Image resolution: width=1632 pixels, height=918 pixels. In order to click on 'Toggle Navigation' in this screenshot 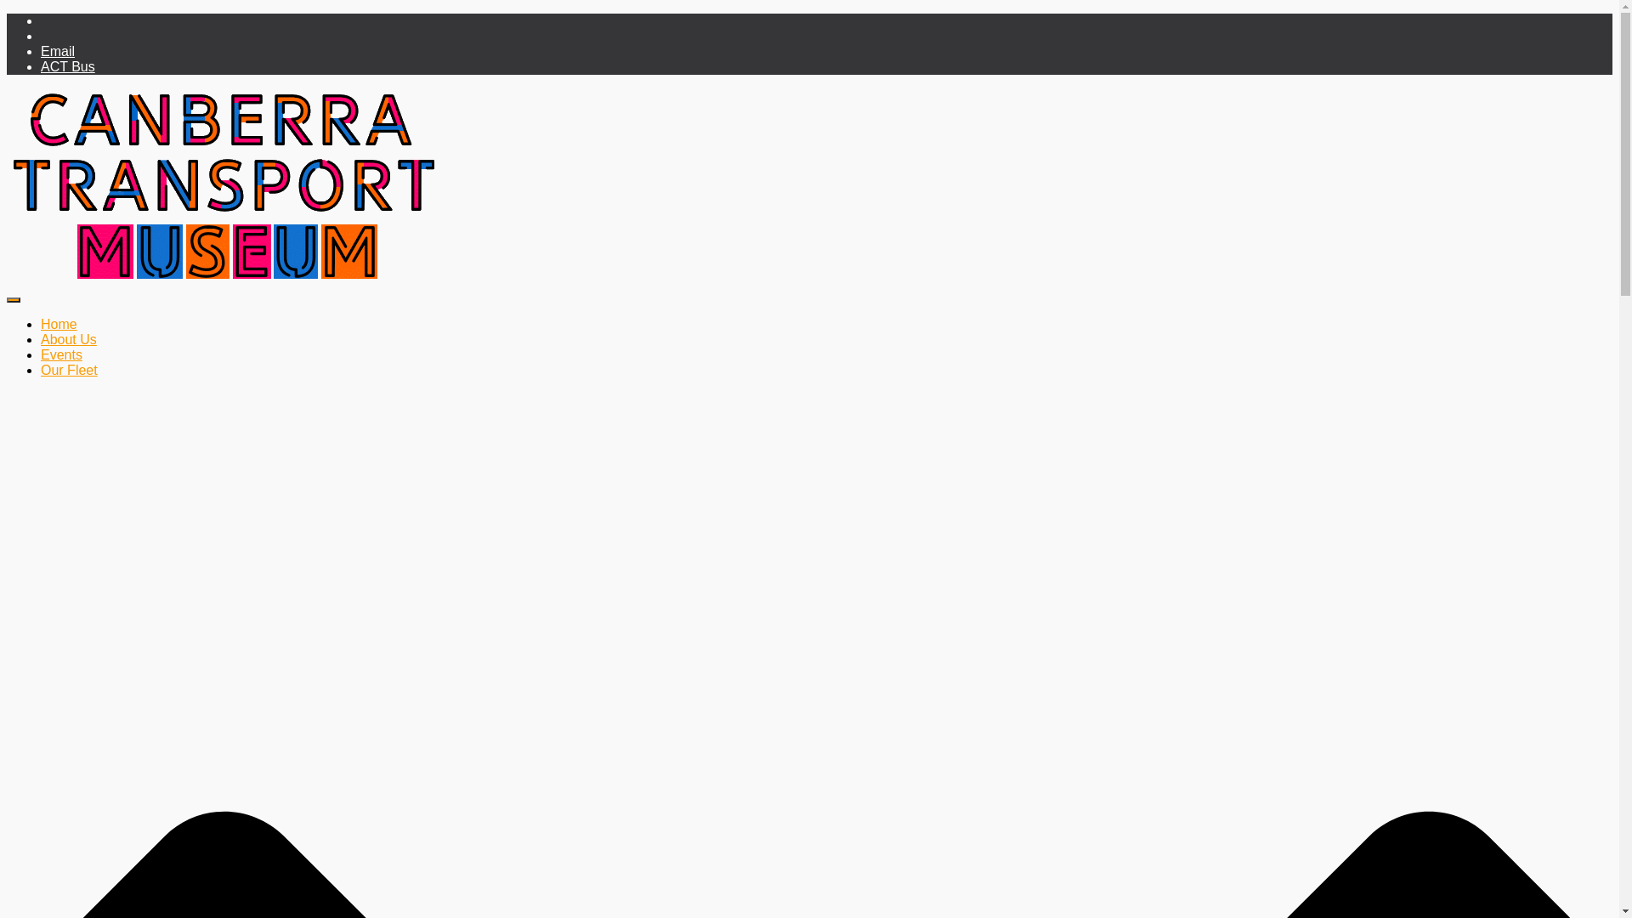, I will do `click(13, 299)`.